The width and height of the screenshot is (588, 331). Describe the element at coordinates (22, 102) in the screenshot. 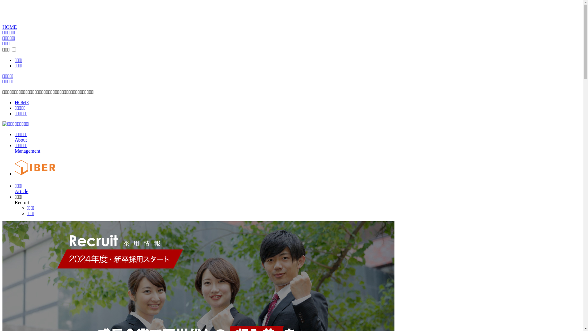

I see `'HOME'` at that location.